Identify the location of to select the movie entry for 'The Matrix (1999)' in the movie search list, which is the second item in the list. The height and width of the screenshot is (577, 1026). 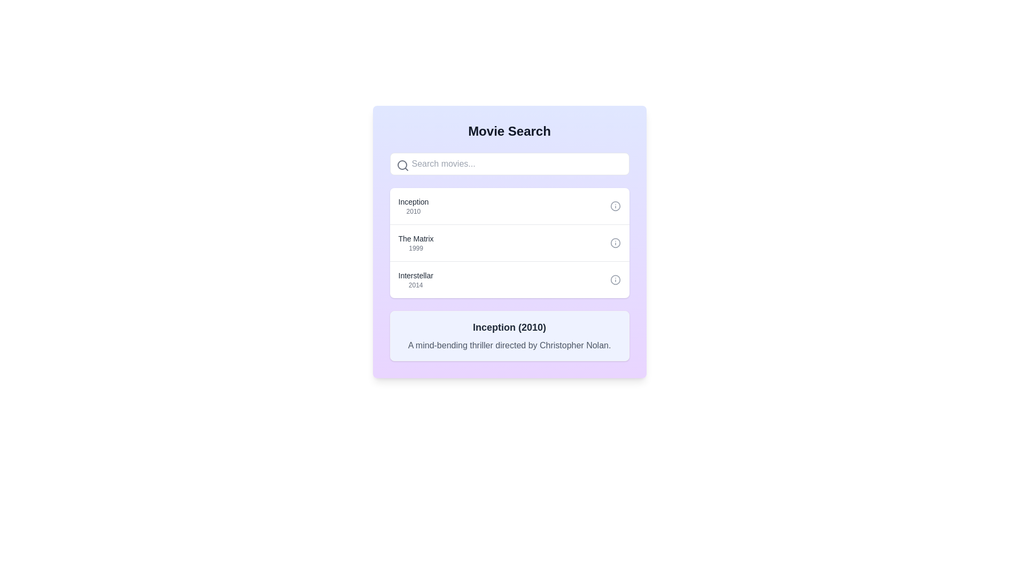
(509, 243).